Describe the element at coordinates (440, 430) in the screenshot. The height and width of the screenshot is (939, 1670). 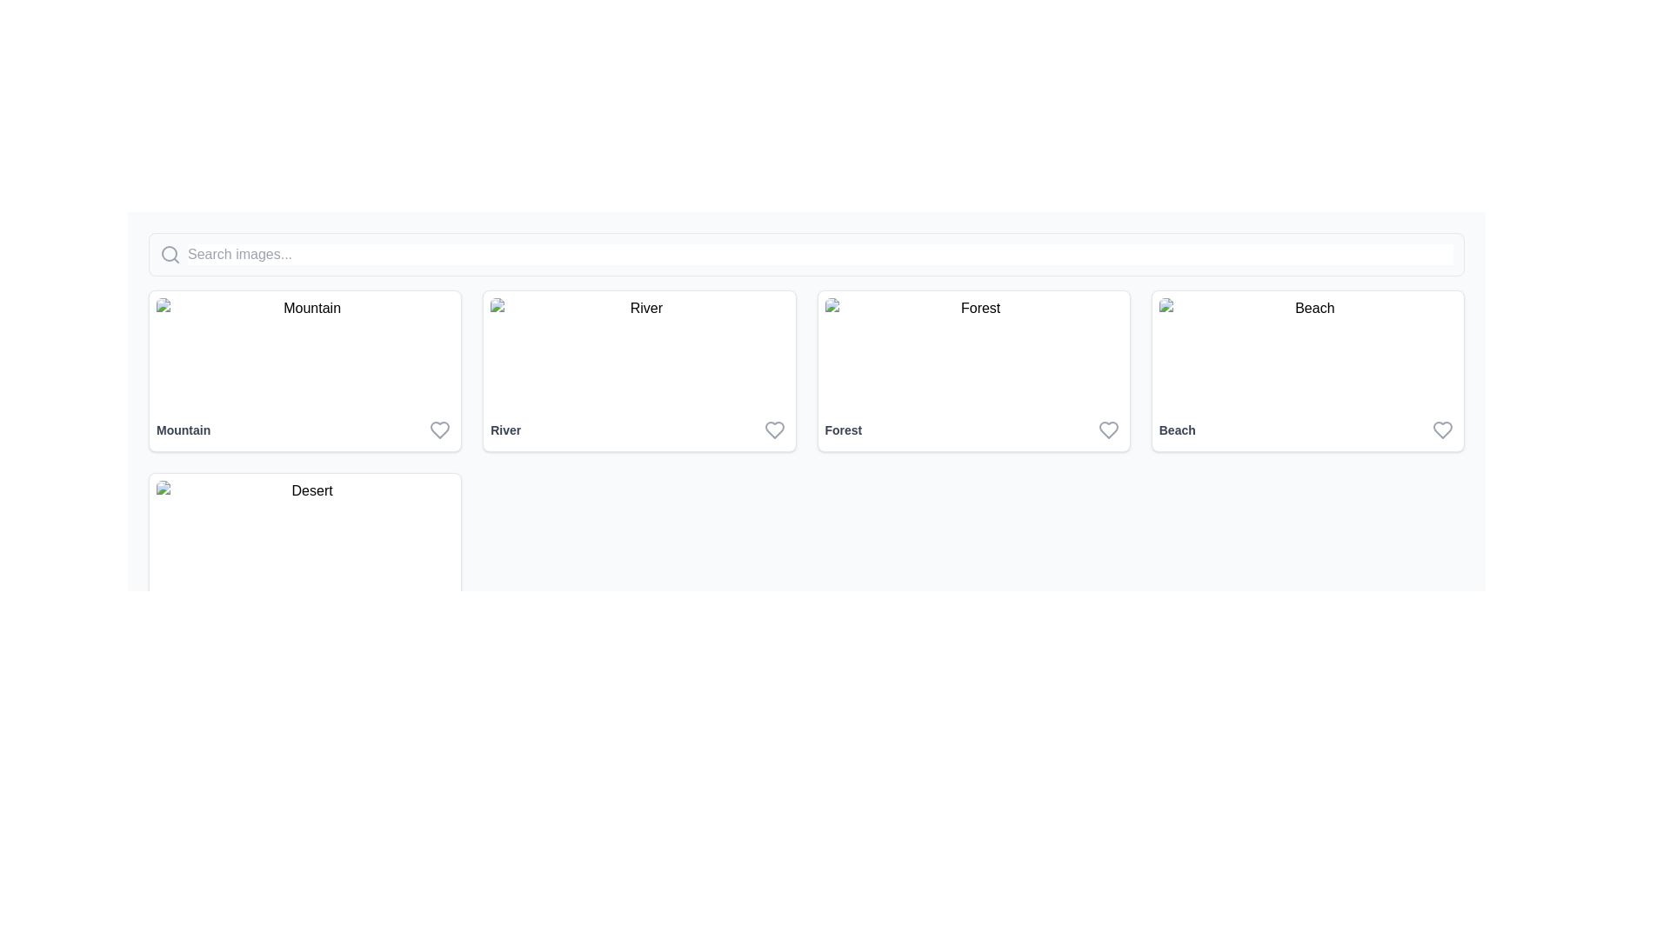
I see `the heart-shaped IconButton located at the bottom-right corner of the card labeled 'Mountain'` at that location.